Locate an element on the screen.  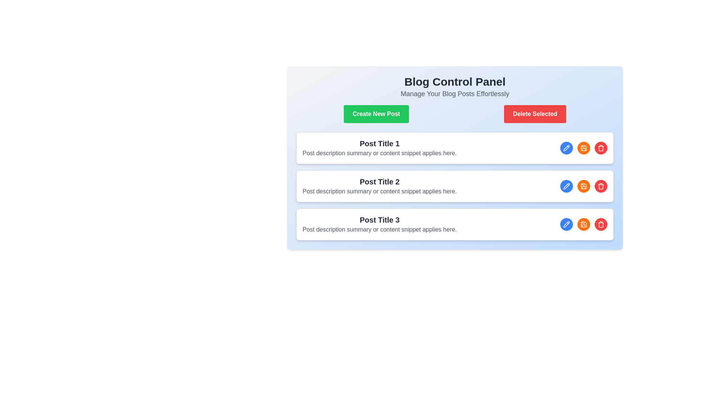
the second Content card in the vertically stacked list of blog post snippets, which is located between 'Post Title 1' and 'Post Title 3' is located at coordinates (454, 186).